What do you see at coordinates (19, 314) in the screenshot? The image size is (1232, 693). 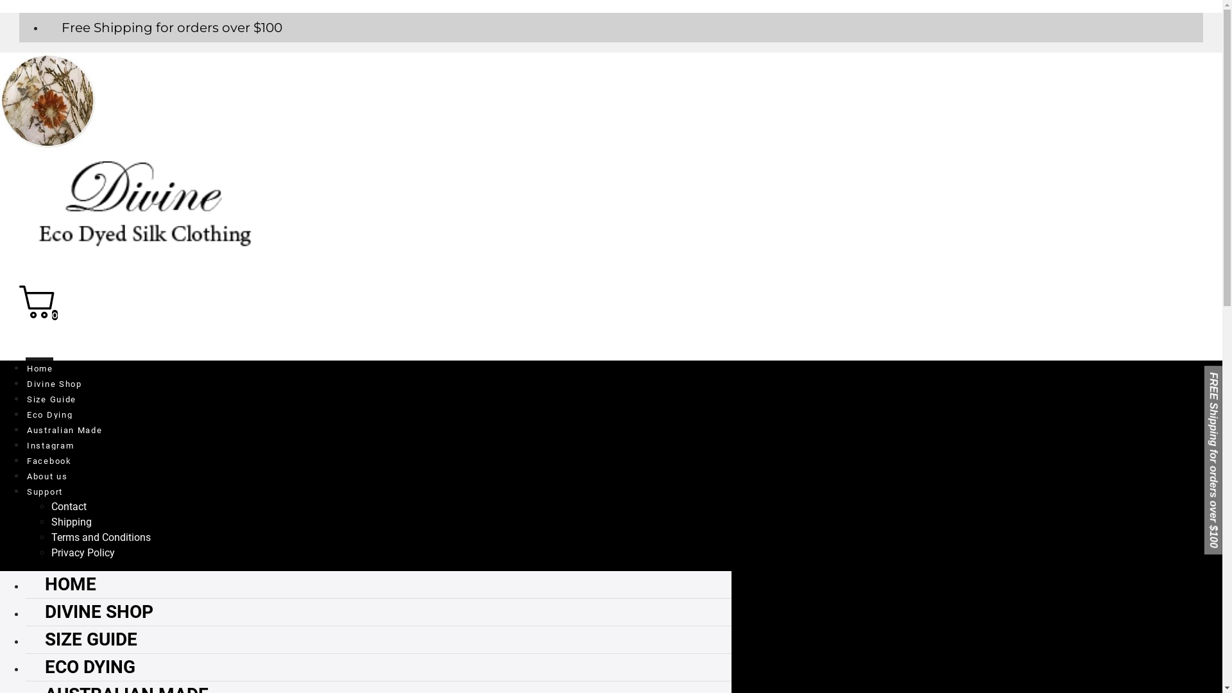 I see `'0'` at bounding box center [19, 314].